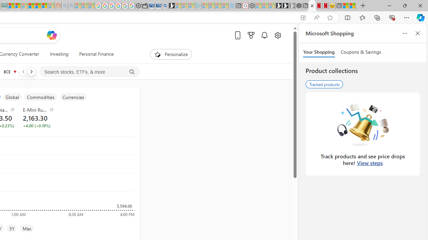 Image resolution: width=428 pixels, height=240 pixels. Describe the element at coordinates (345, 6) in the screenshot. I see `'Wildlife - MSN'` at that location.